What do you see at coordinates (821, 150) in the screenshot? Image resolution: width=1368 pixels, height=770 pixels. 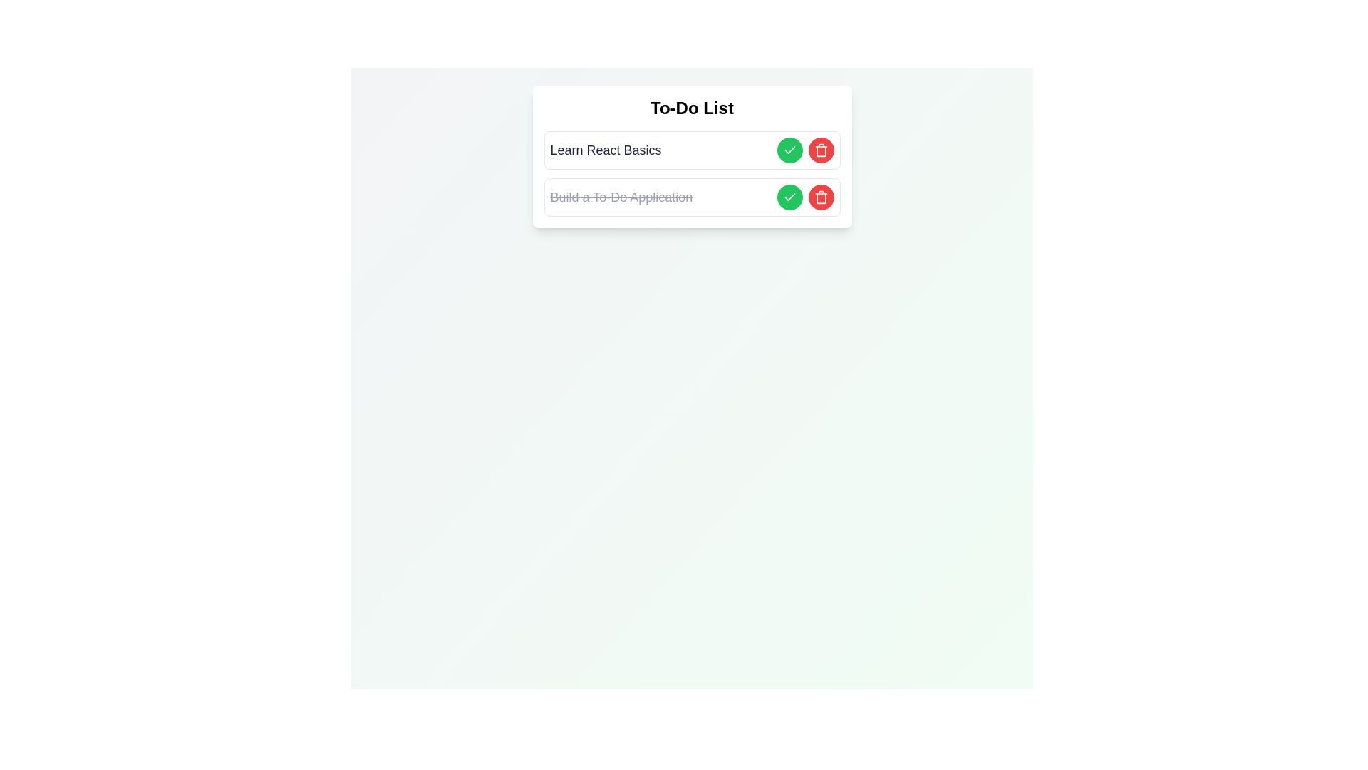 I see `the delete icon located` at bounding box center [821, 150].